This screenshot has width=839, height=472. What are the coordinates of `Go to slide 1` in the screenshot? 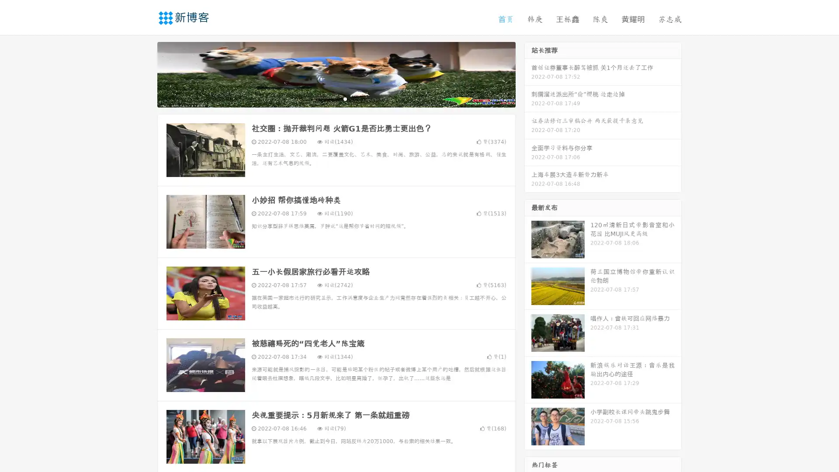 It's located at (327, 98).